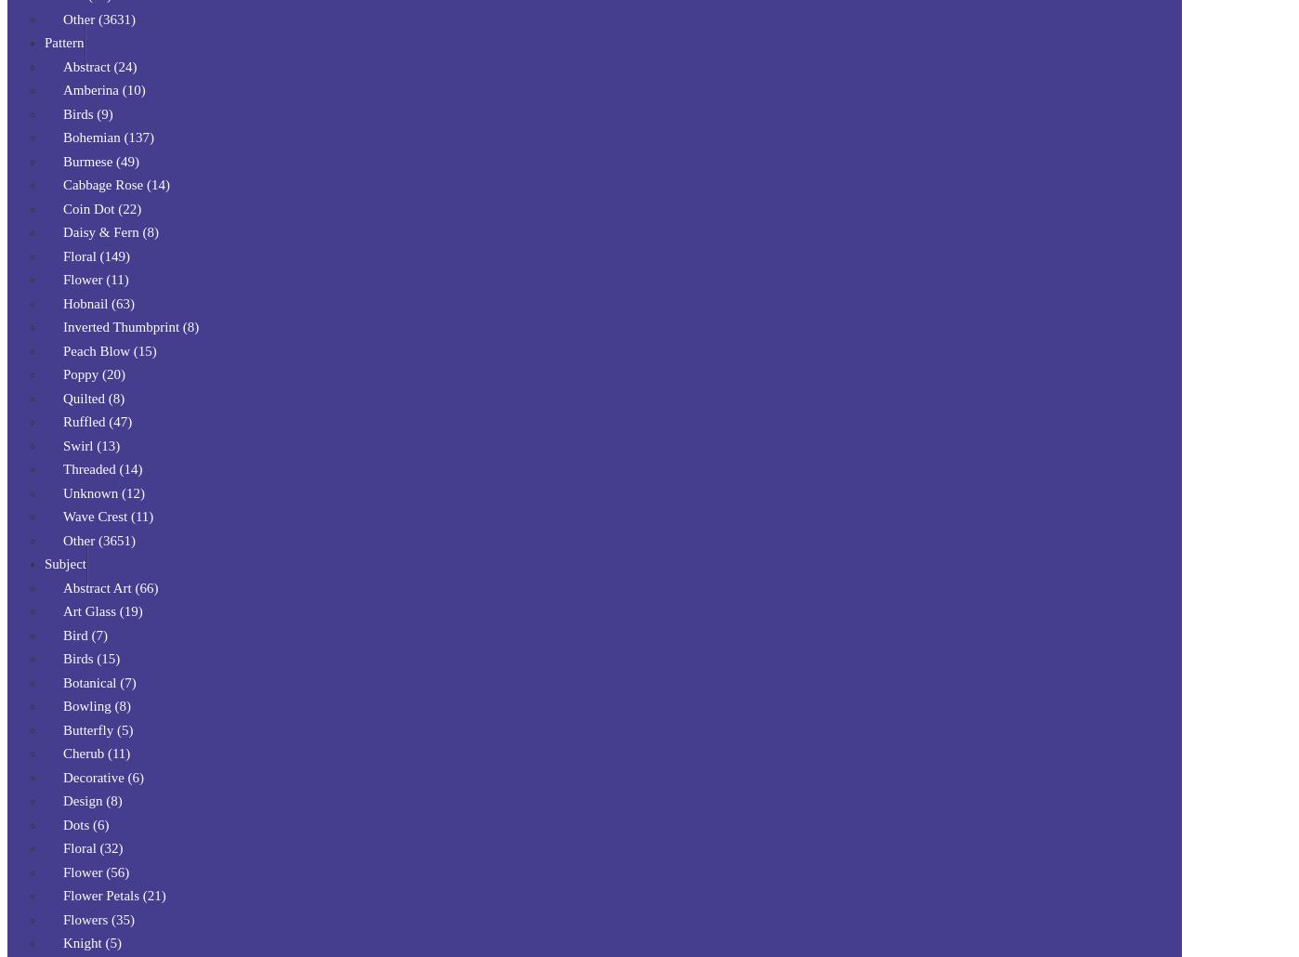 This screenshot has height=957, width=1299. I want to click on 'Knight (5)', so click(91, 941).